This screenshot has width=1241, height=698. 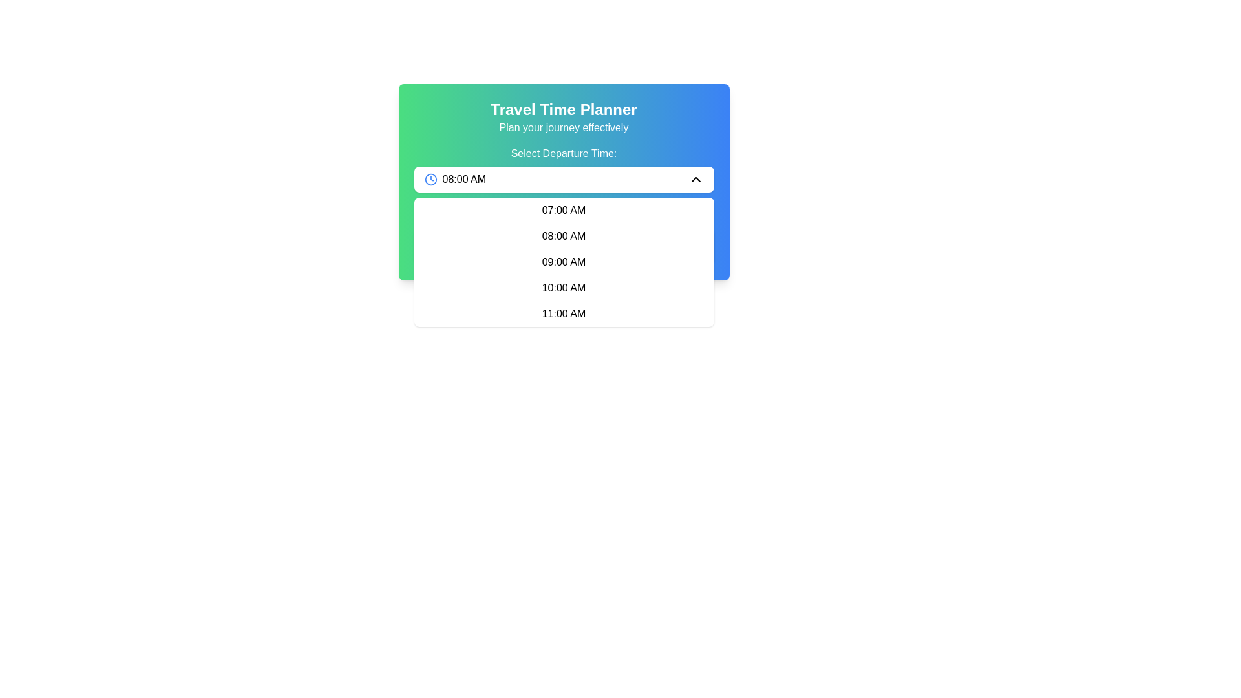 What do you see at coordinates (564, 169) in the screenshot?
I see `the dropdown menu labeled 'Select Departure Time:'` at bounding box center [564, 169].